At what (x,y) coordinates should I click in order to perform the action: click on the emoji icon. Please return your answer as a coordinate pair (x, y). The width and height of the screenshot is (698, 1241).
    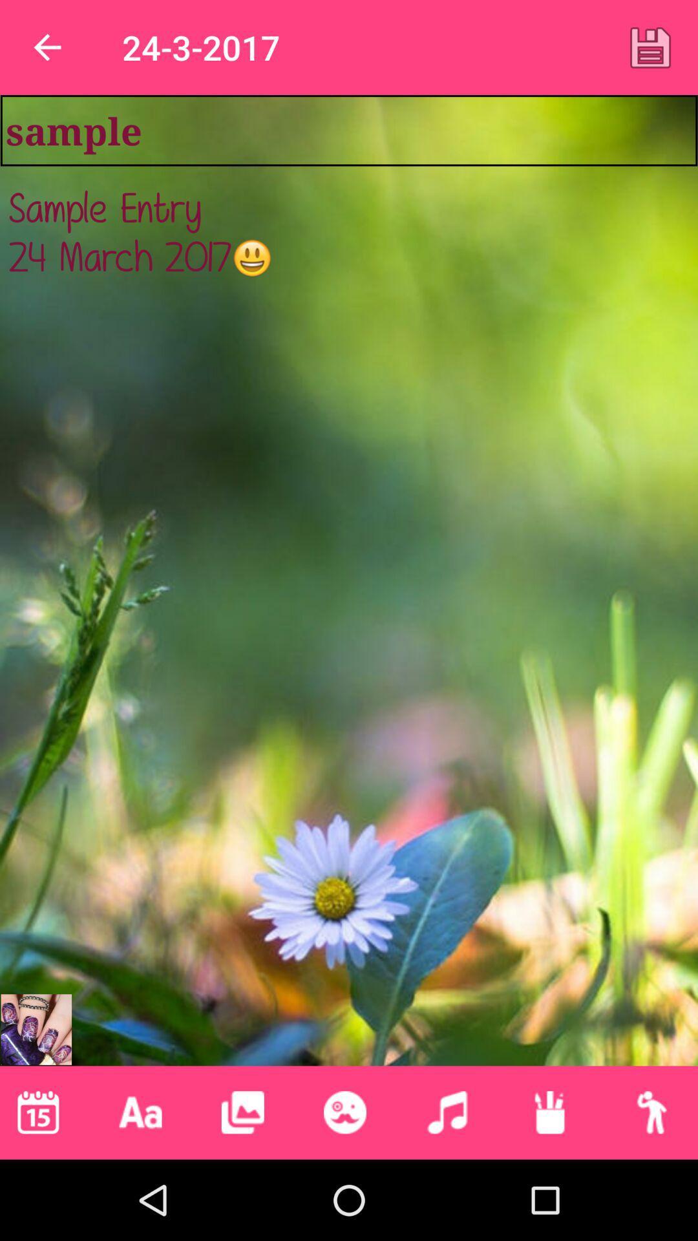
    Looking at the image, I should click on (344, 1112).